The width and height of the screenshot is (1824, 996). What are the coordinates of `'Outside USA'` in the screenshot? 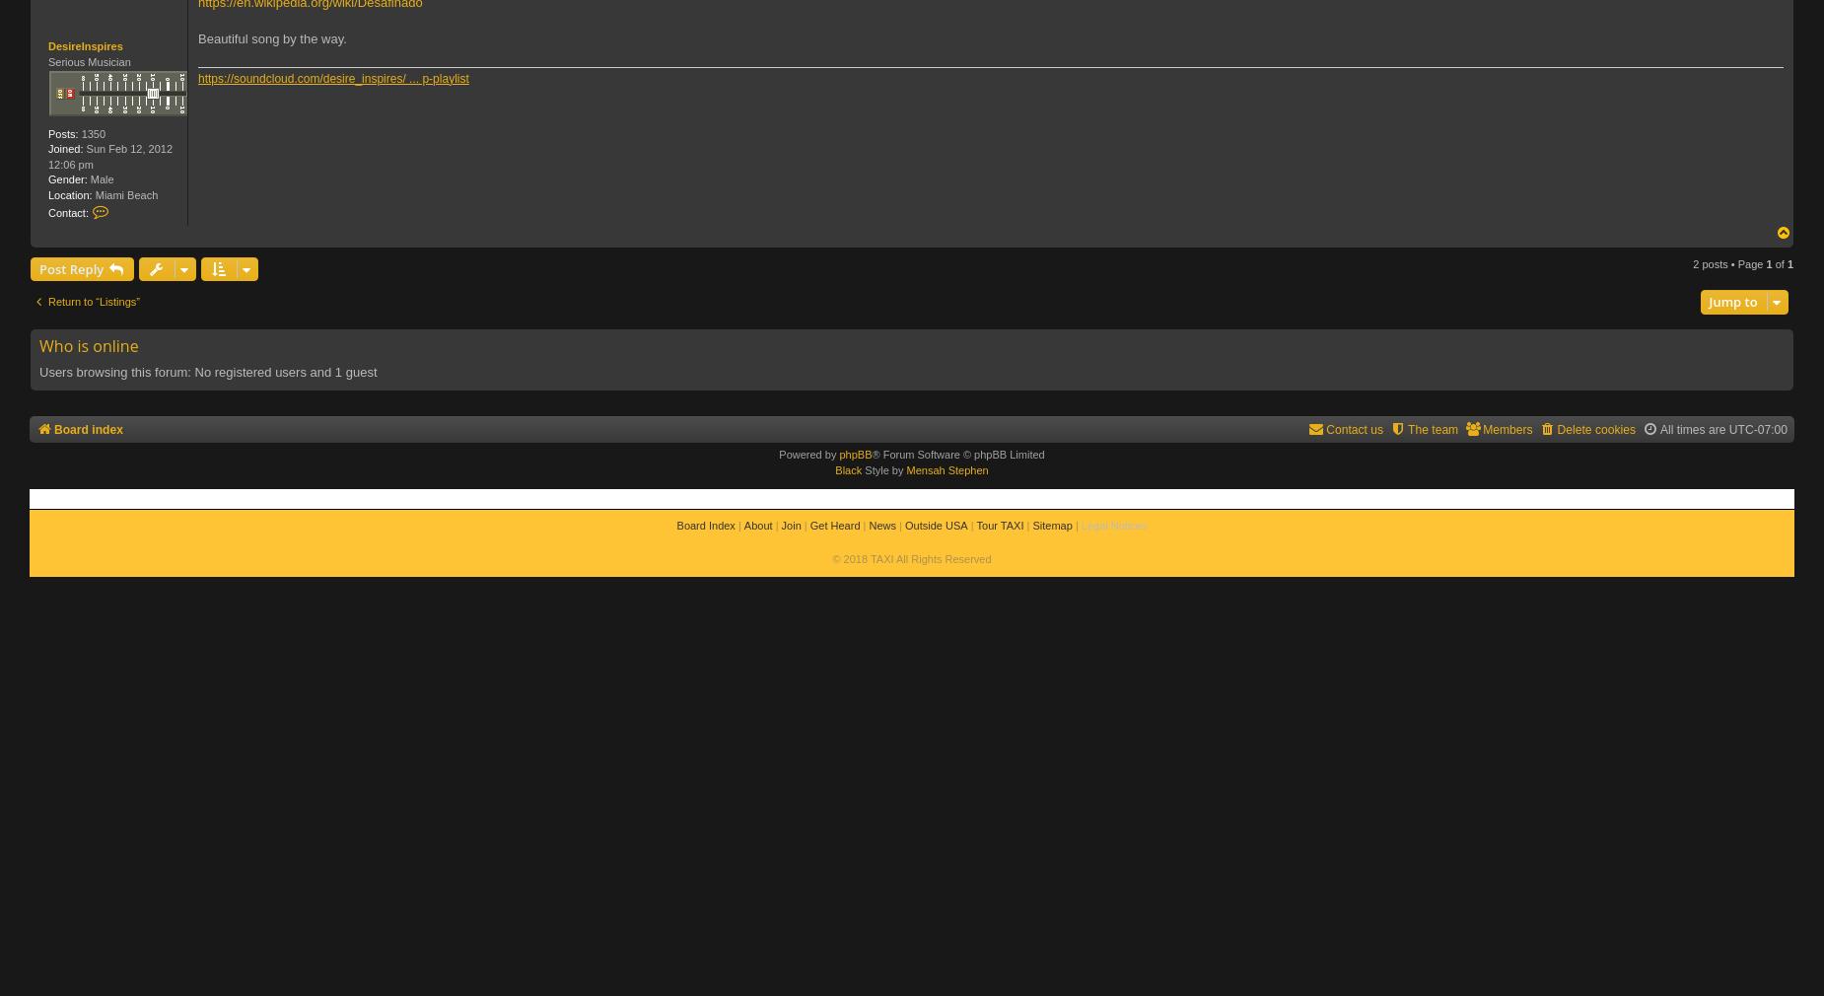 It's located at (935, 524).